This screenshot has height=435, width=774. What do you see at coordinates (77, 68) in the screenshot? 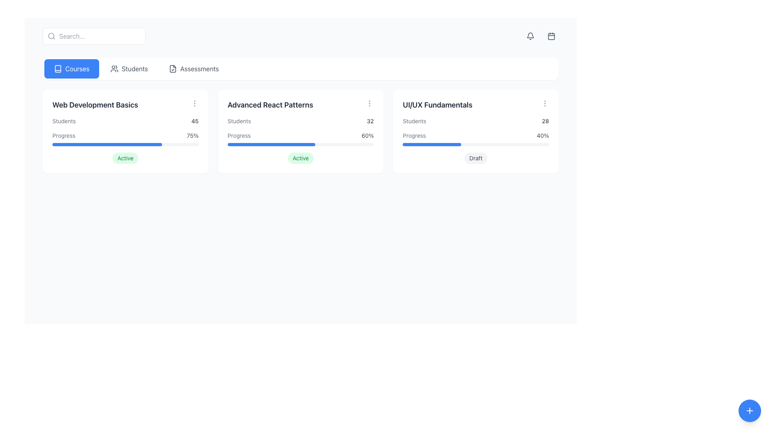
I see `the 'Courses' text label within the blue button in the navigation bar located at the top-left of the interface` at bounding box center [77, 68].